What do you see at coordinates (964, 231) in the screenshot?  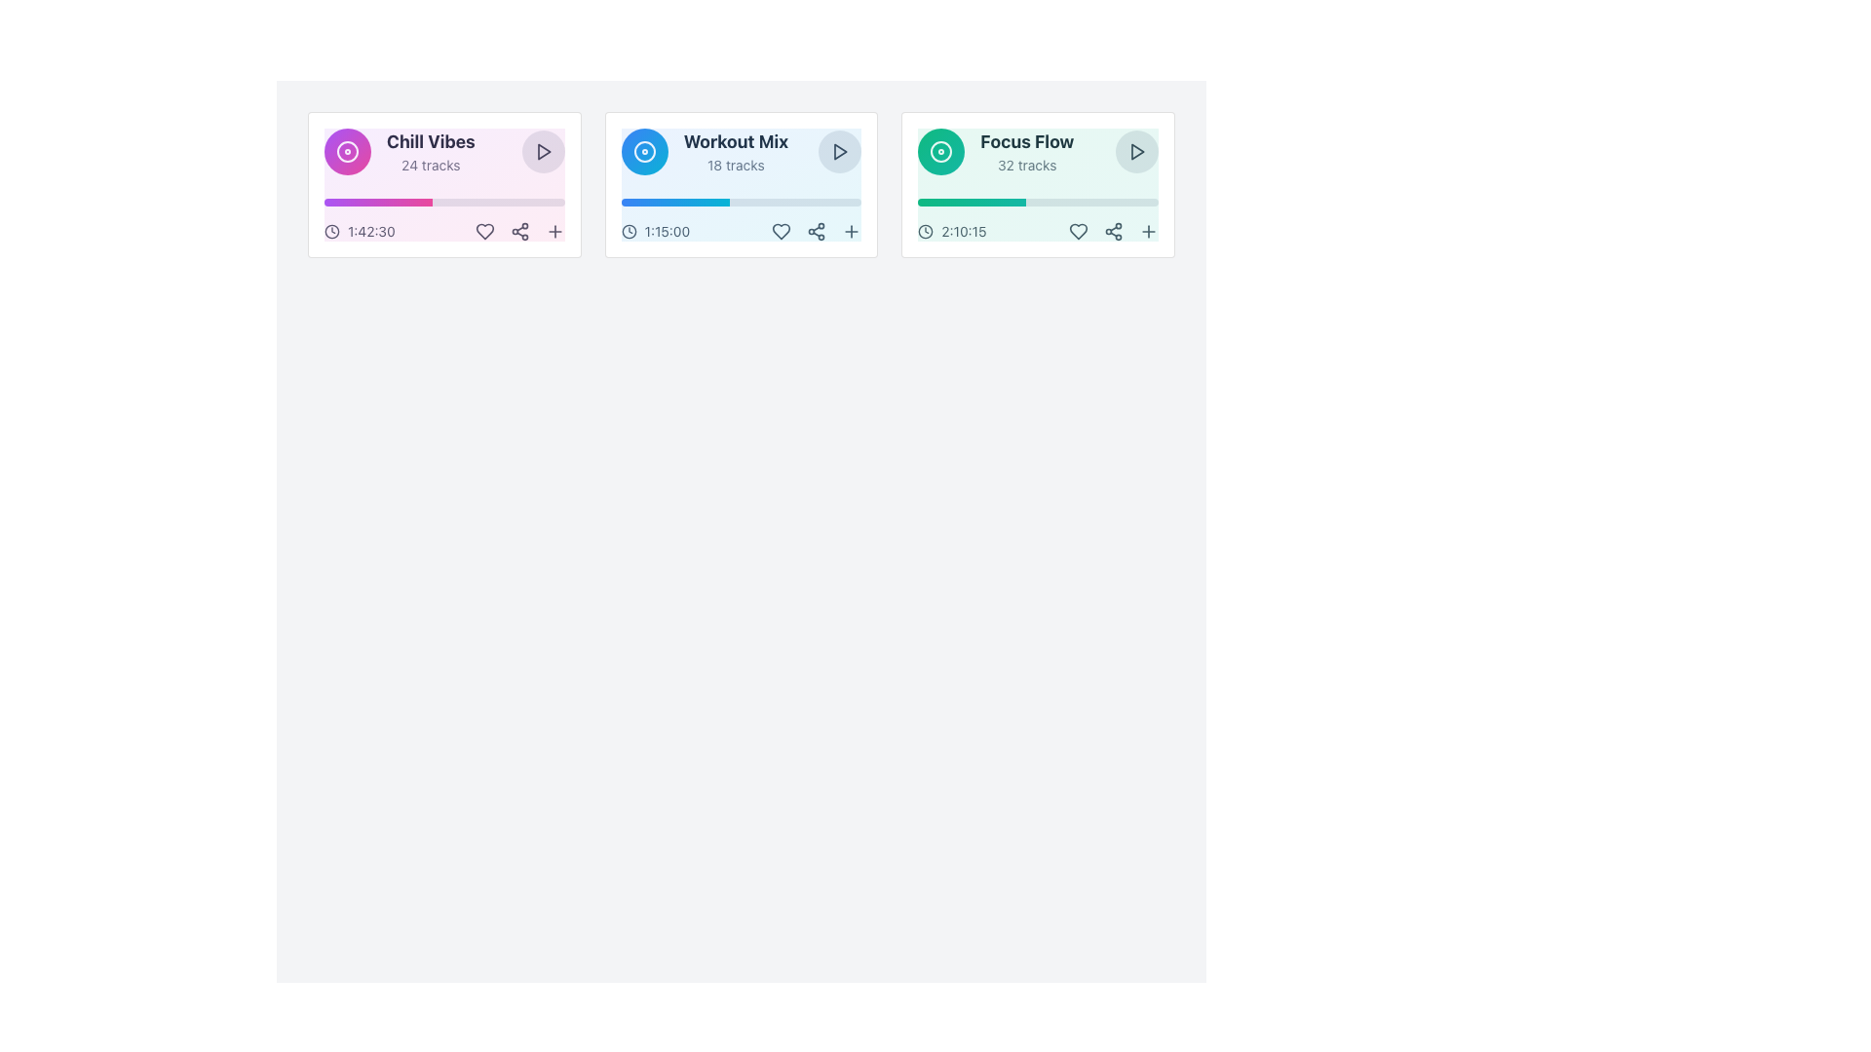 I see `the total duration text indicating '2 hours, 10 minutes, and 15 seconds' of the 'Focus Flow' playlist located in the lower left portion of the 'Focus Flow' card` at bounding box center [964, 231].